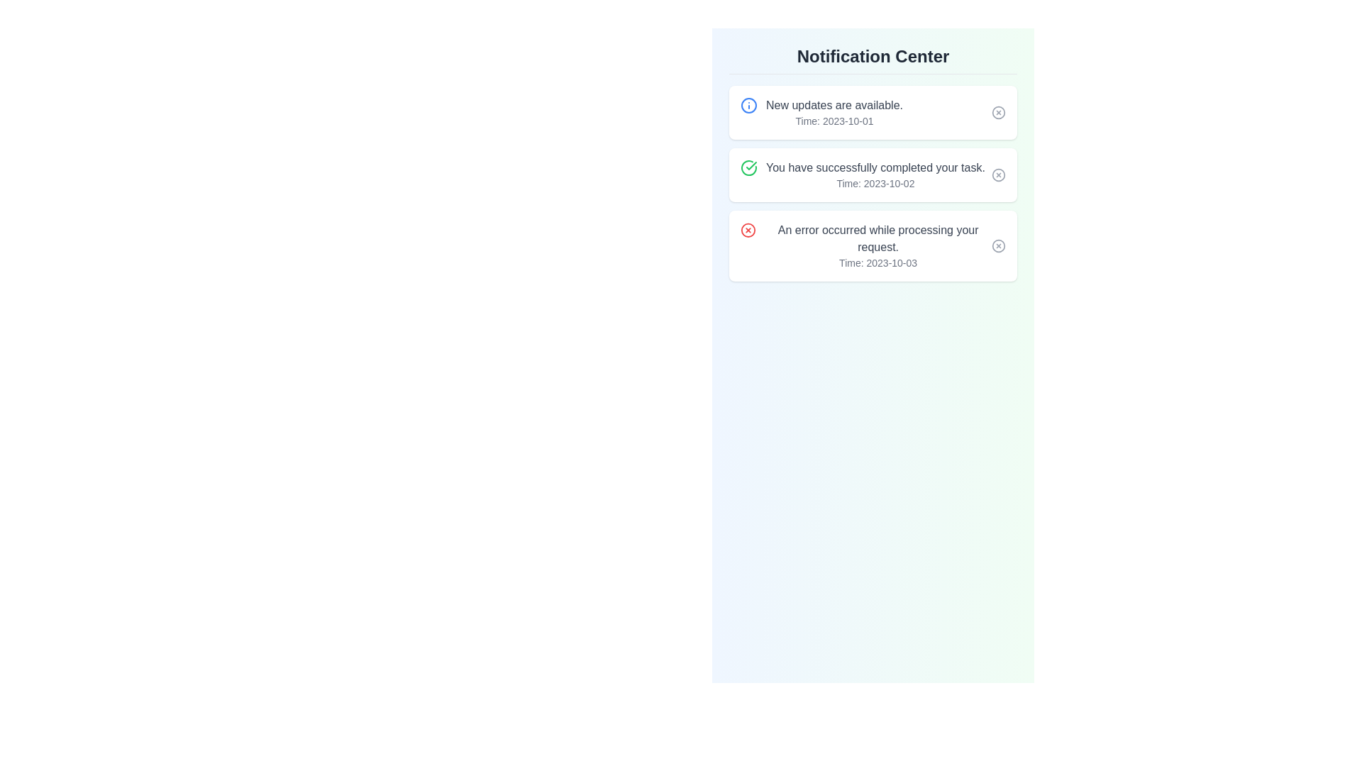 Image resolution: width=1362 pixels, height=766 pixels. Describe the element at coordinates (862, 174) in the screenshot. I see `information from the Notification item indicating successful task completion, which is the second item in the list` at that location.